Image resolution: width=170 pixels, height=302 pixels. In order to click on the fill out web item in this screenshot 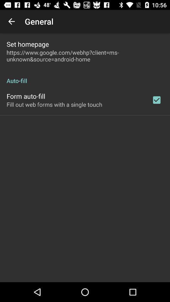, I will do `click(54, 104)`.